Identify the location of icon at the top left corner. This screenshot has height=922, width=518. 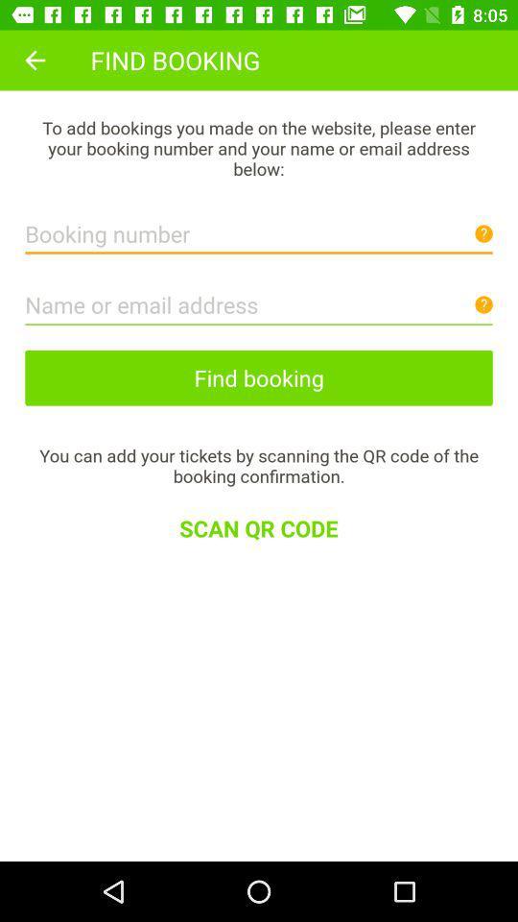
(35, 60).